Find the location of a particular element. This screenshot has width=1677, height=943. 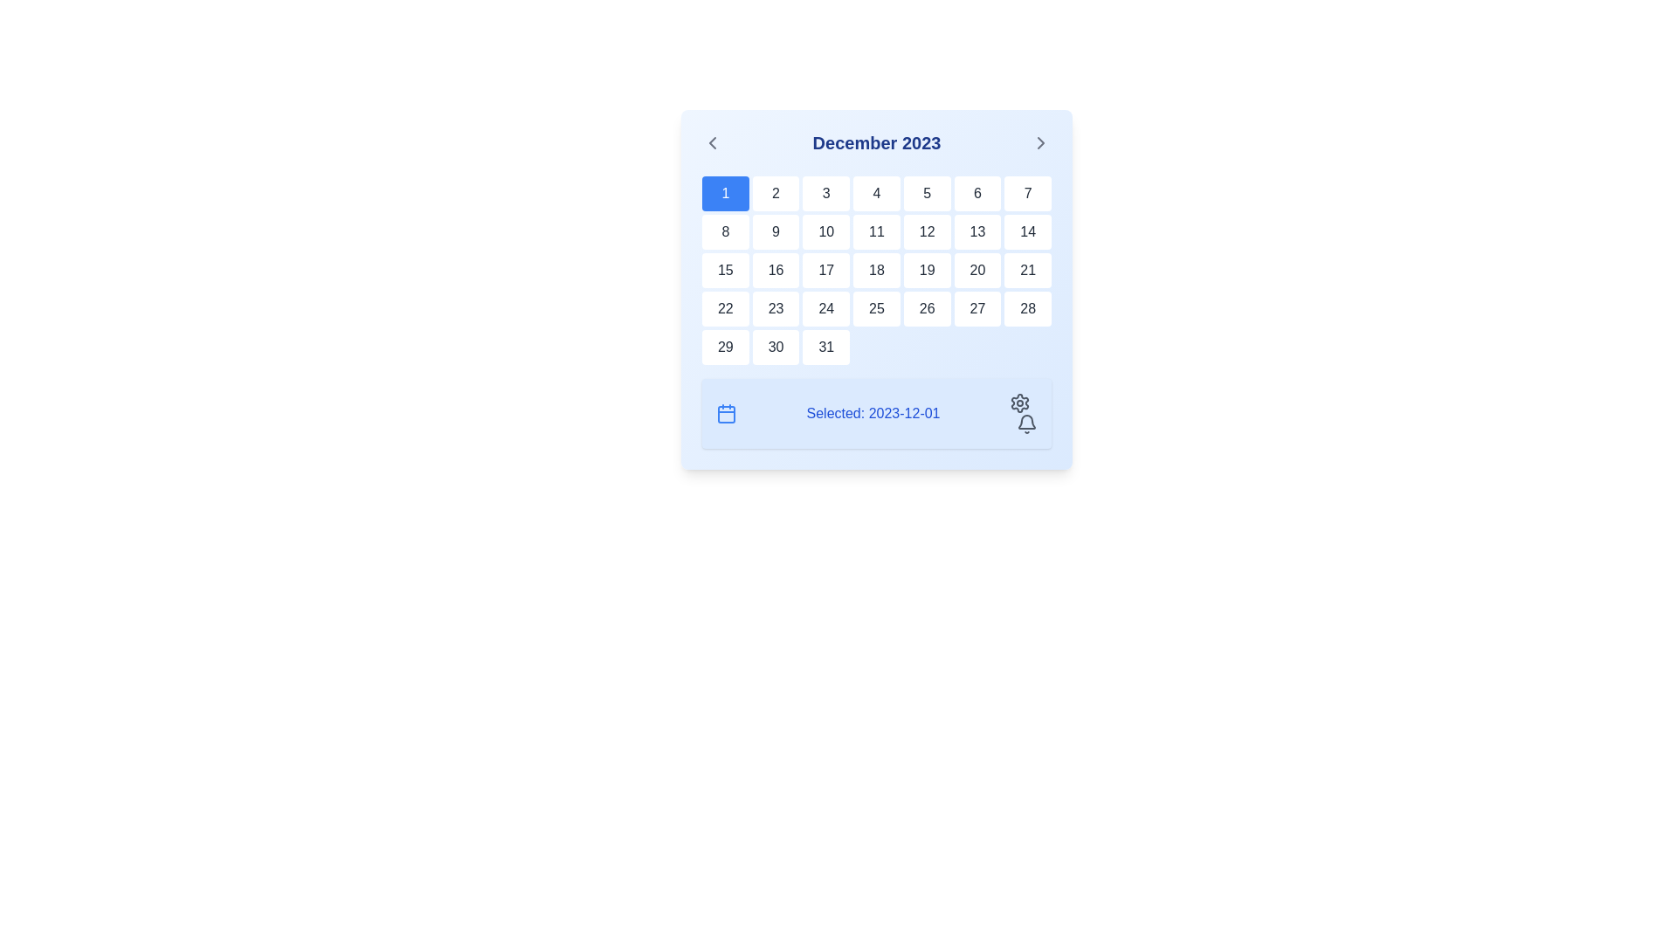

the square-shaped button with the text '24' in black font, located in the calendar grid layout is located at coordinates (825, 308).